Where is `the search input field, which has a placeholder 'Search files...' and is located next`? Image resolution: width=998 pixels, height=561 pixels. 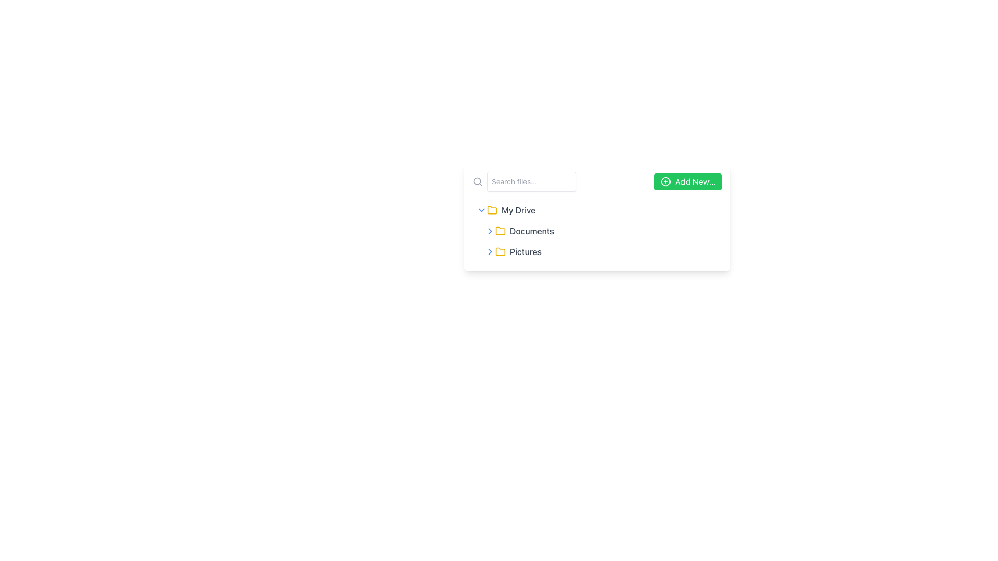 the search input field, which has a placeholder 'Search files...' and is located next is located at coordinates (524, 181).